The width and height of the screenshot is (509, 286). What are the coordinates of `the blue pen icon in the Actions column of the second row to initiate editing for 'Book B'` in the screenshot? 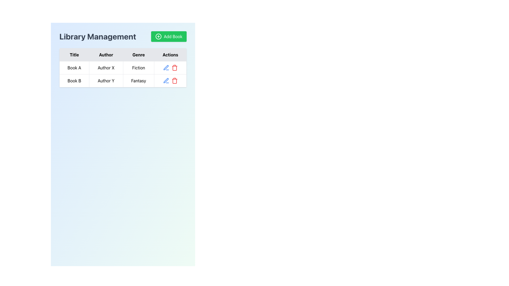 It's located at (165, 67).